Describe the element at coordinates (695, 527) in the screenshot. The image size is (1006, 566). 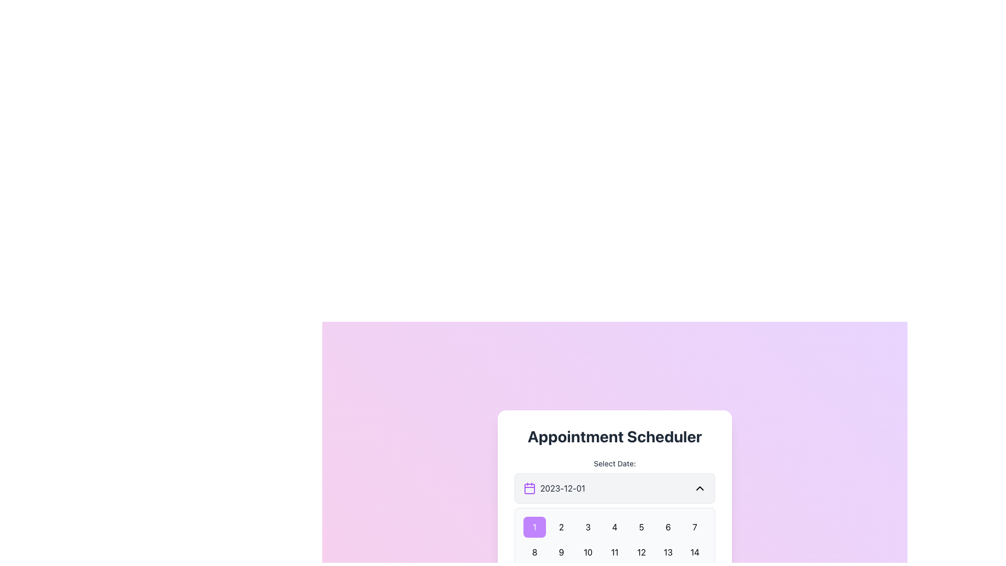
I see `the button labeled '7' in the calendar interface` at that location.